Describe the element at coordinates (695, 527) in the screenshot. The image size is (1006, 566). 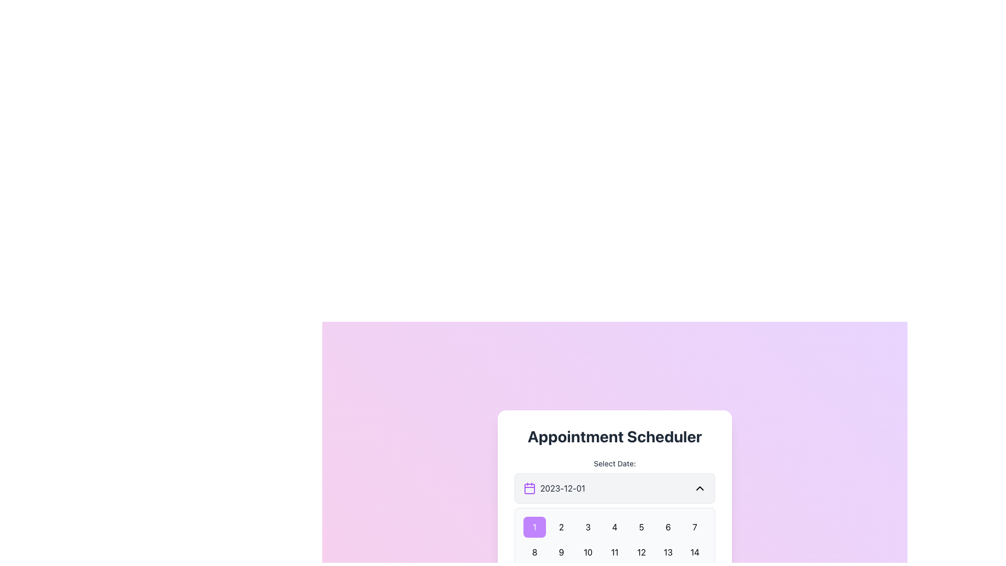
I see `the button labeled '7' in the calendar interface` at that location.